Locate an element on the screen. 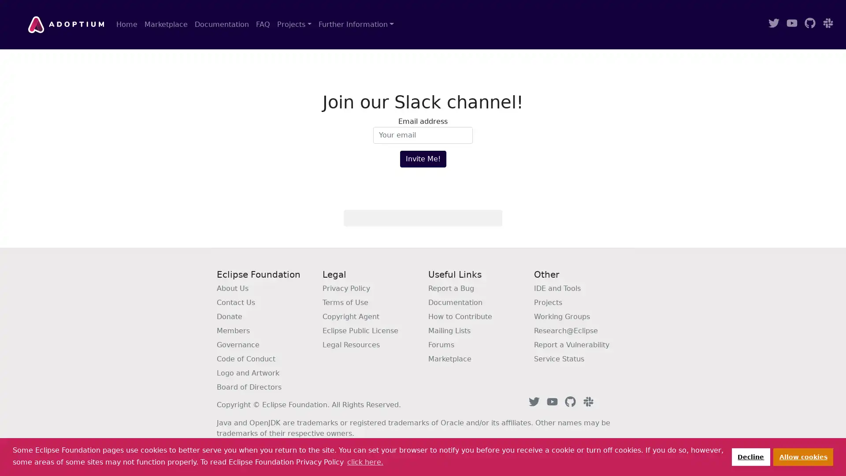  Projects is located at coordinates (294, 24).